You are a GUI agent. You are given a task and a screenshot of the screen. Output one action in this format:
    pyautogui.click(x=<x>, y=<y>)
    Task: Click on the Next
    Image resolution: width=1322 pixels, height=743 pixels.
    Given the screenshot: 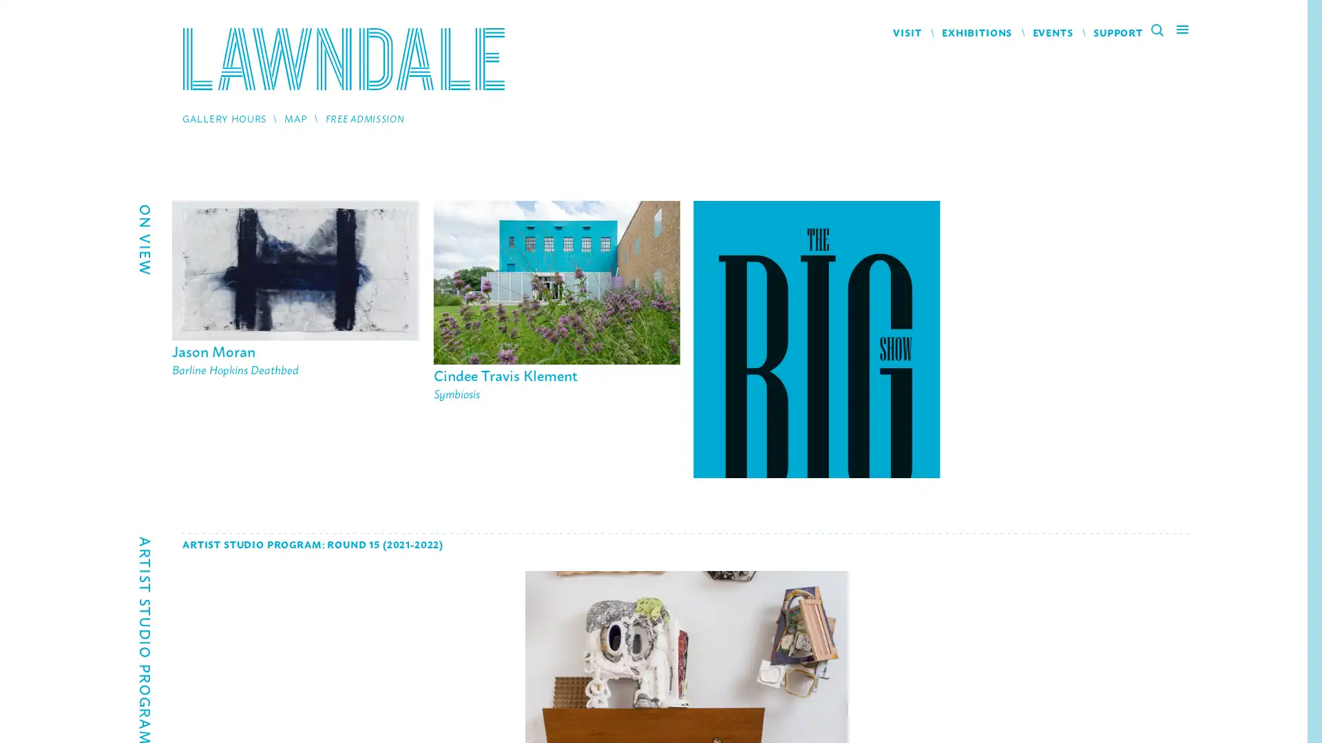 What is the action you would take?
    pyautogui.click(x=1193, y=601)
    